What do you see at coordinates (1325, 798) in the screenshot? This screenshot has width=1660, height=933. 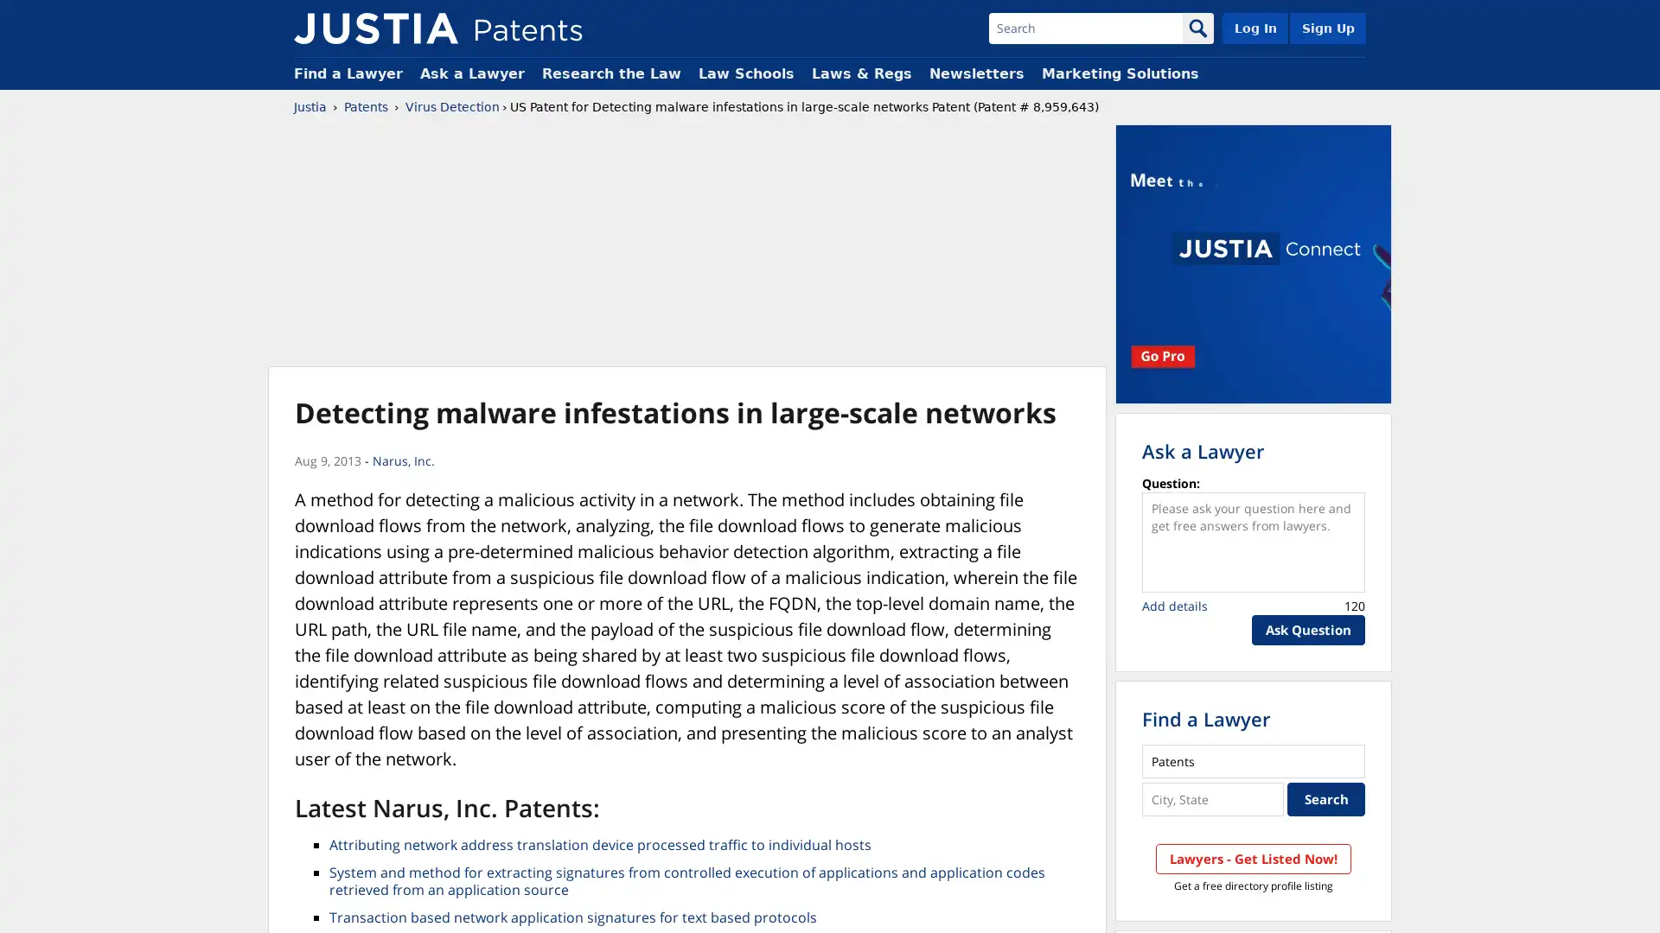 I see `Search` at bounding box center [1325, 798].